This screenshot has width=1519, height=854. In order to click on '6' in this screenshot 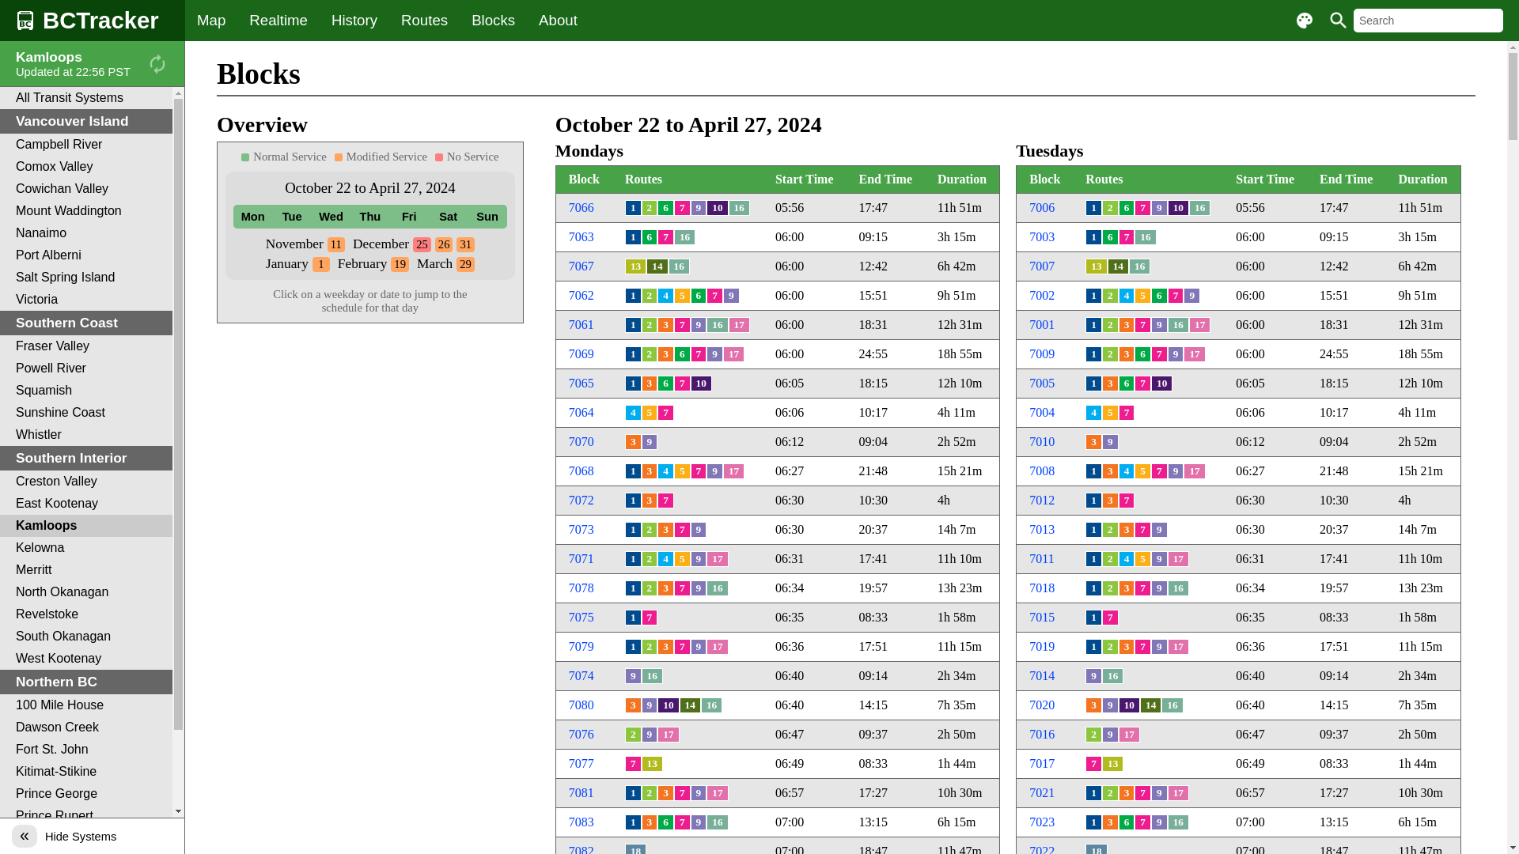, I will do `click(1142, 353)`.